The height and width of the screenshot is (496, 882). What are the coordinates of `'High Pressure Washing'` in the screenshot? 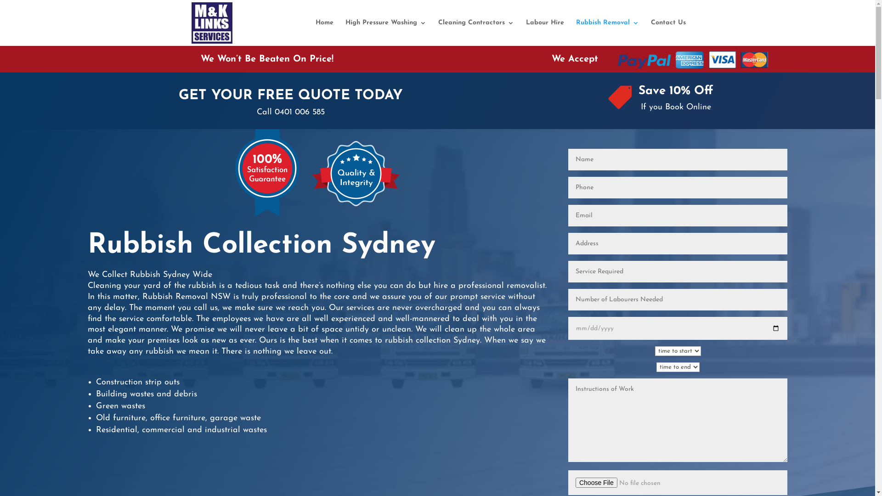 It's located at (386, 32).